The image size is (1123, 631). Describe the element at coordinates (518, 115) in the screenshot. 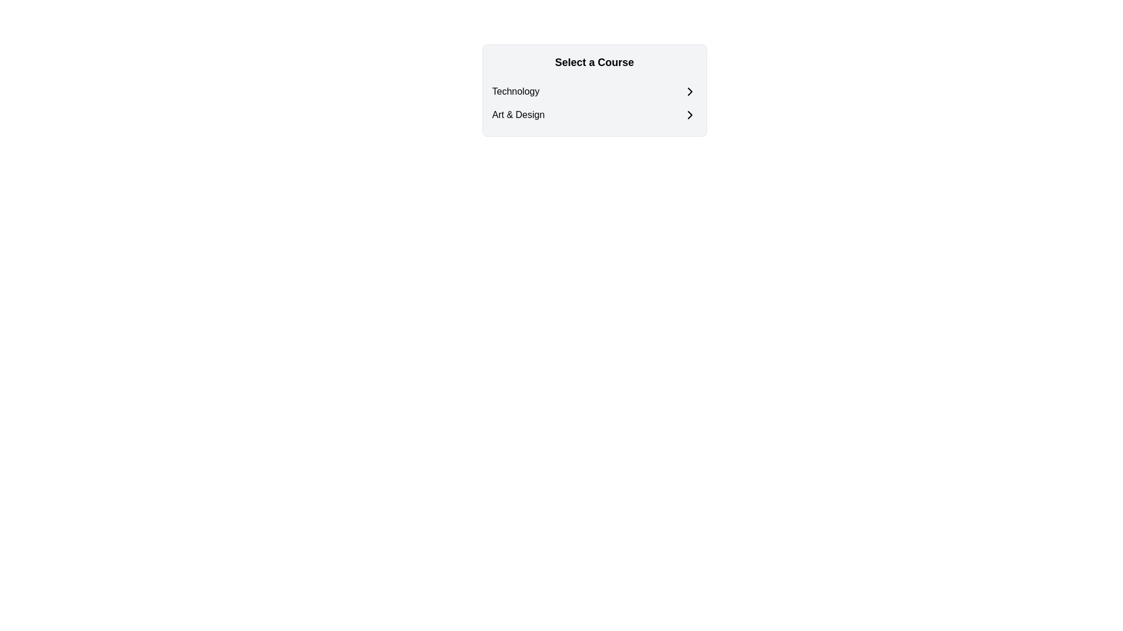

I see `the 'Art & Design' text label located` at that location.